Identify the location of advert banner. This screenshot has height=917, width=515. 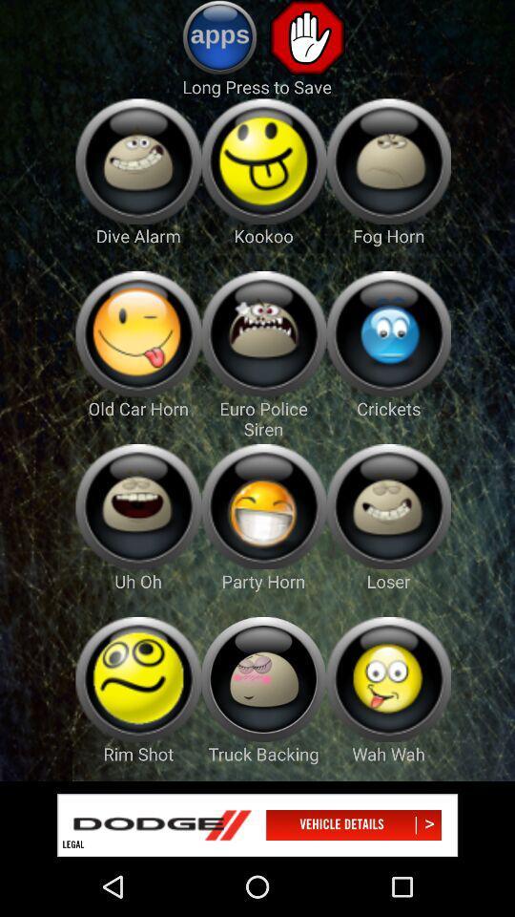
(257, 824).